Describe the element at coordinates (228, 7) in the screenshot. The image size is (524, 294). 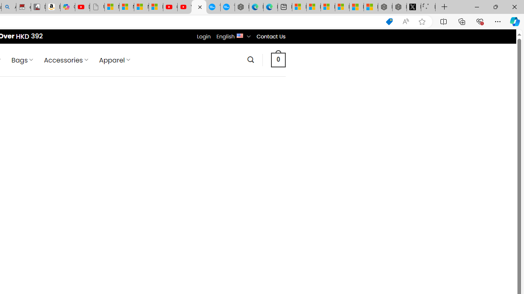
I see `'The most popular Google '` at that location.